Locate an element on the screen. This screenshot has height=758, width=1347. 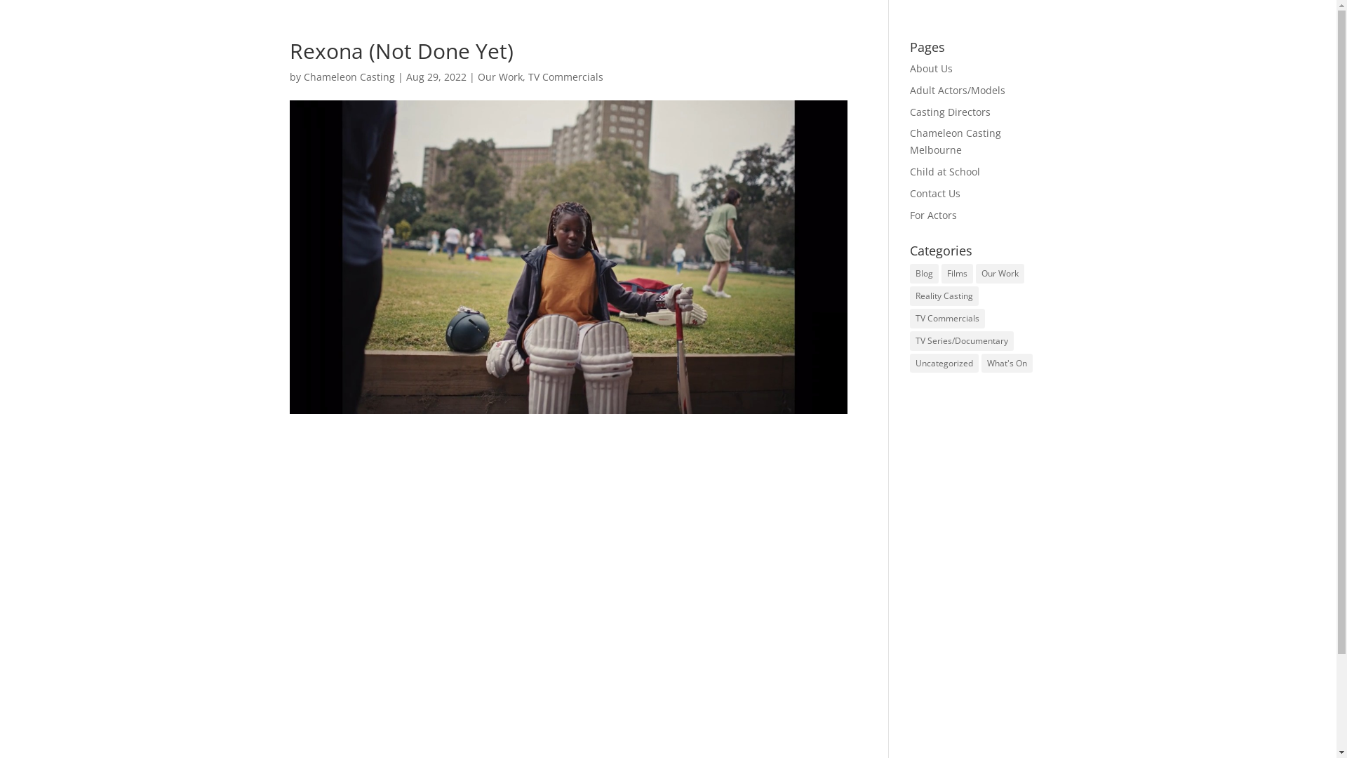
'Casting Directors' is located at coordinates (950, 111).